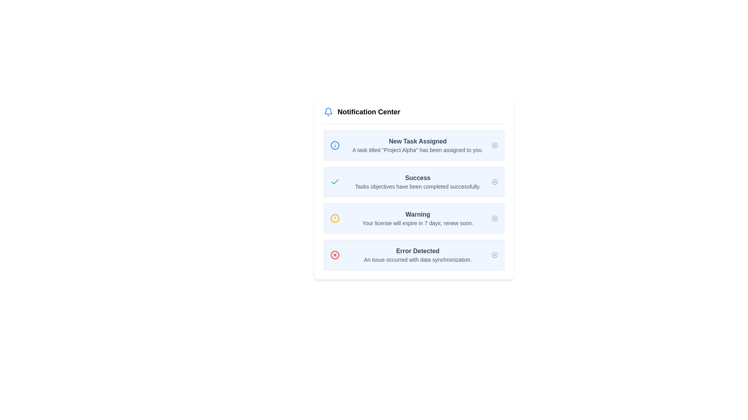 The width and height of the screenshot is (748, 420). What do you see at coordinates (417, 141) in the screenshot?
I see `the title text of the notification card in the 'Notification Center', which summarizes the content of the notification` at bounding box center [417, 141].